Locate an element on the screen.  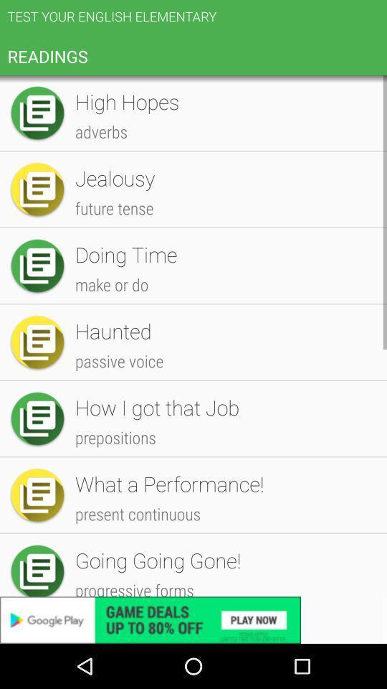
the help is located at coordinates (224, 621).